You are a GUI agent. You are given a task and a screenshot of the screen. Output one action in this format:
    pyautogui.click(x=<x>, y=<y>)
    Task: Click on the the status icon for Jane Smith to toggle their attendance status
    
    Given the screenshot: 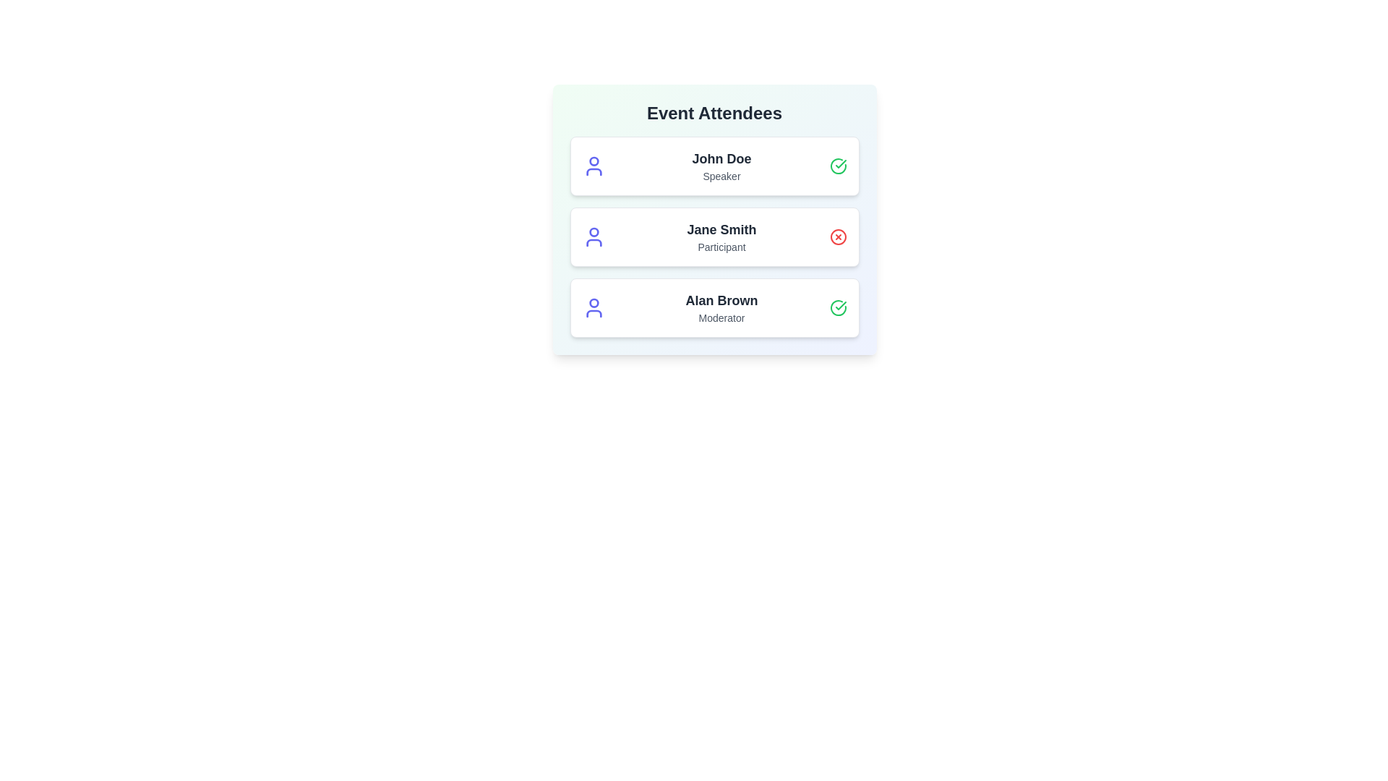 What is the action you would take?
    pyautogui.click(x=838, y=236)
    